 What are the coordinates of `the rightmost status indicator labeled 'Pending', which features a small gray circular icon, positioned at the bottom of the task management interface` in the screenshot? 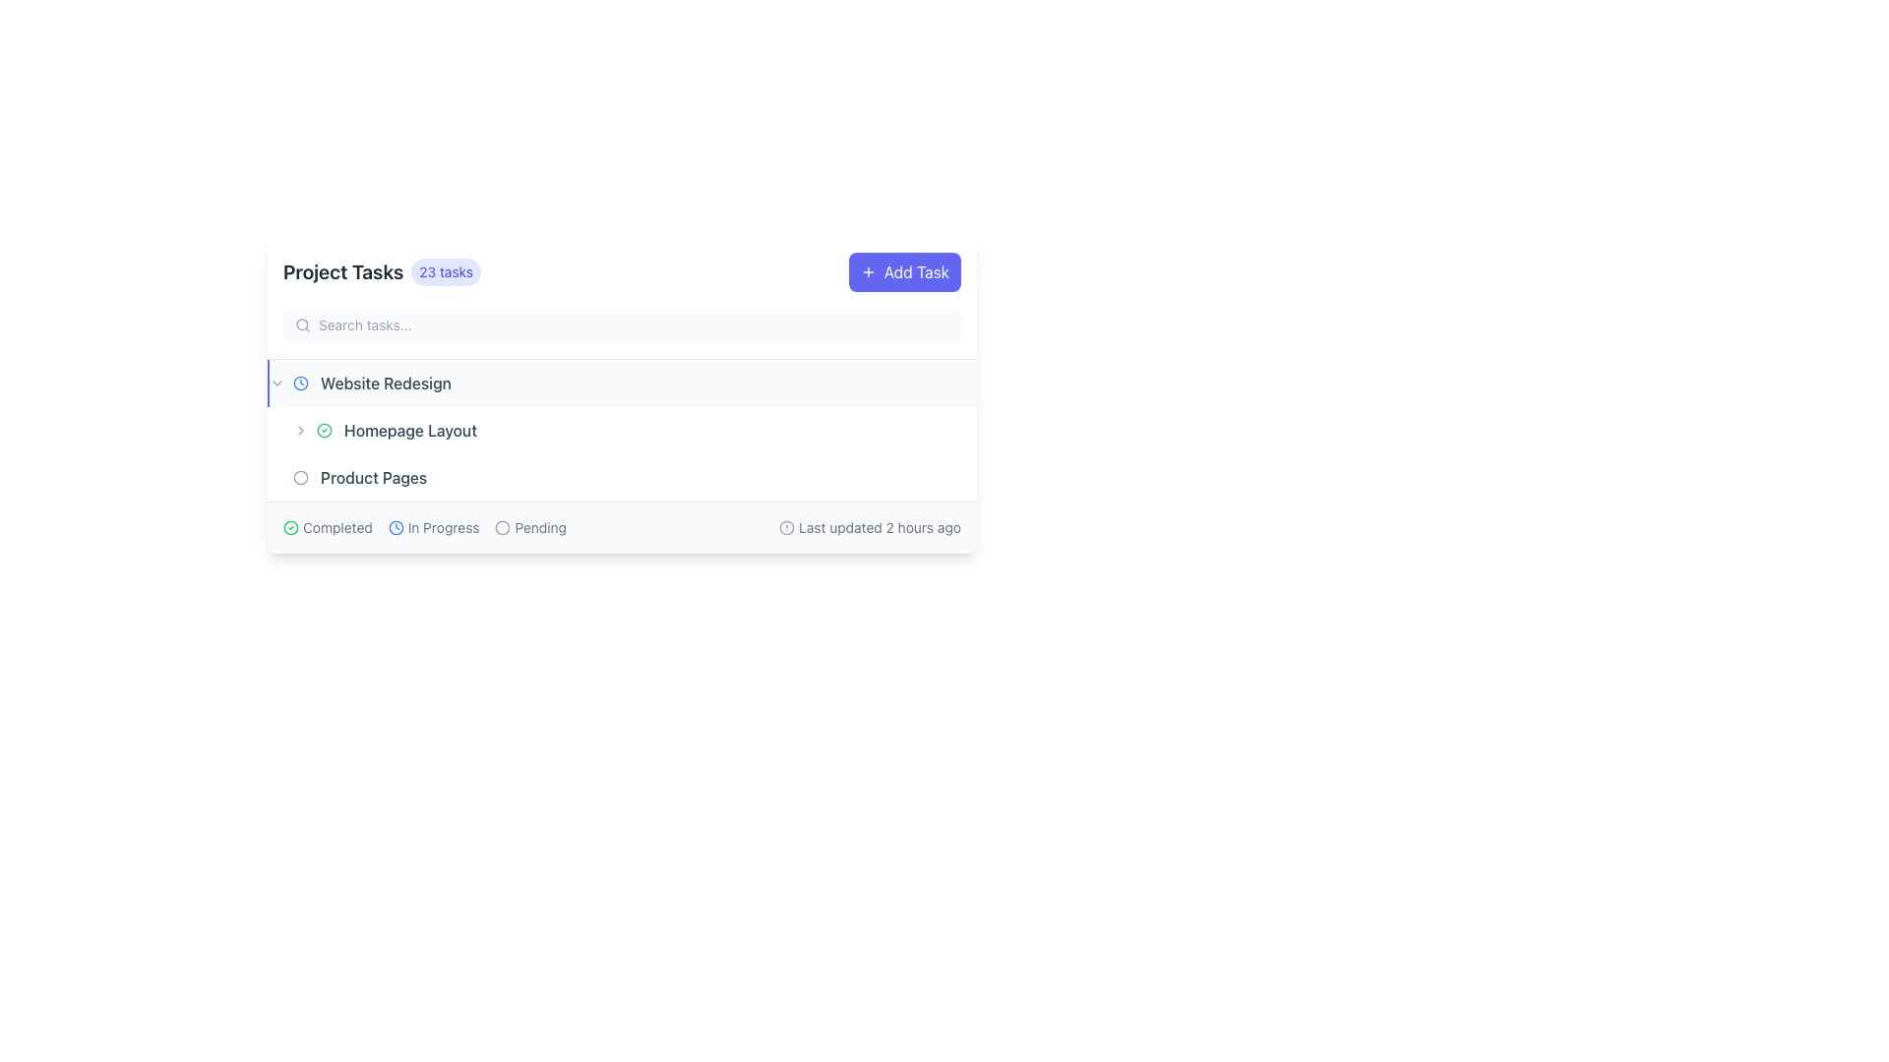 It's located at (530, 526).